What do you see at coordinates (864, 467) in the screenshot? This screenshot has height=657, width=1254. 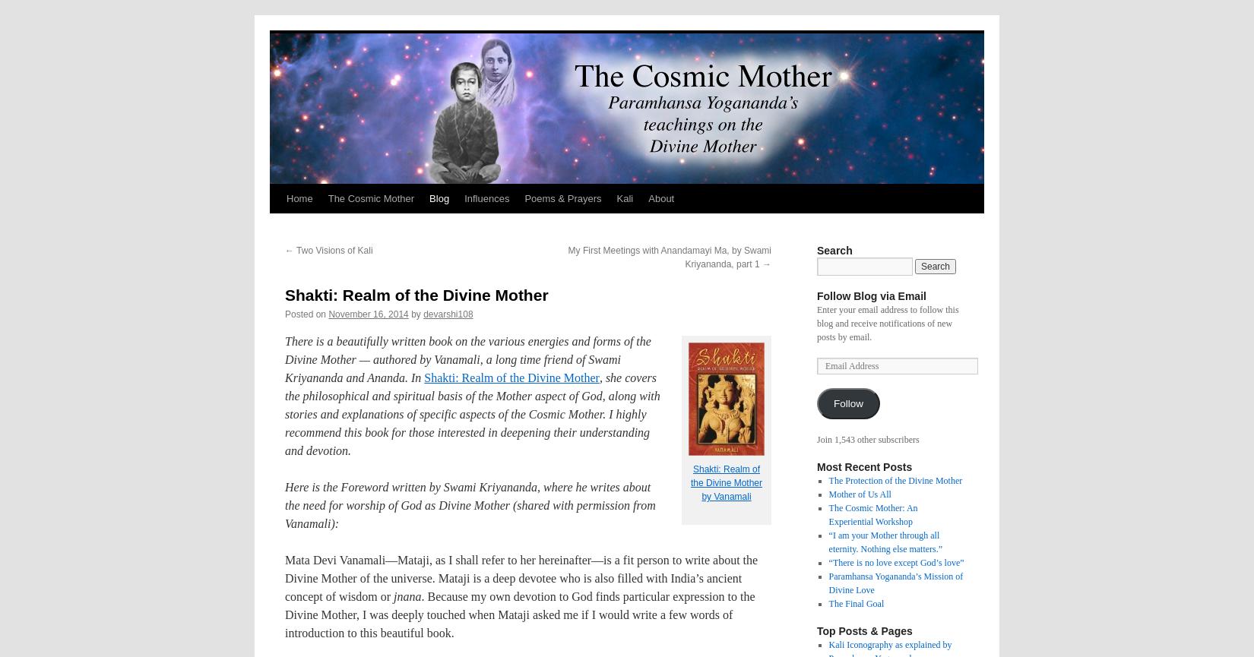 I see `'Most Recent Posts'` at bounding box center [864, 467].